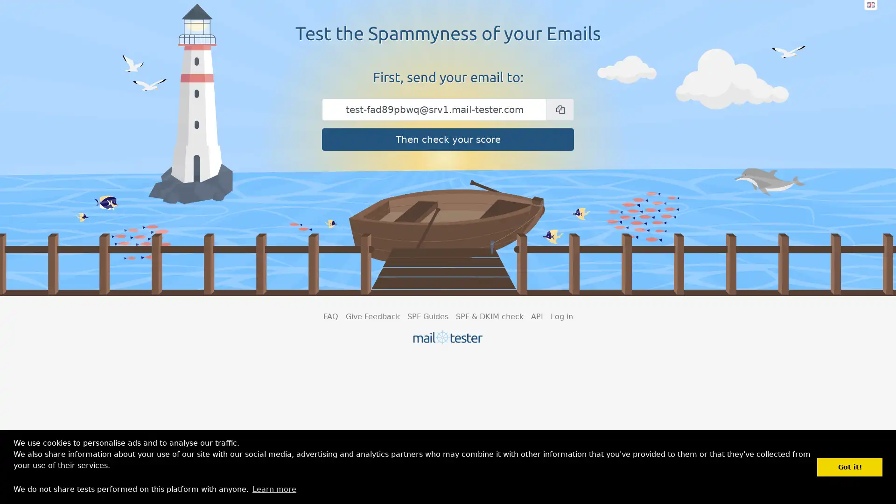 This screenshot has height=504, width=896. Describe the element at coordinates (273, 489) in the screenshot. I see `learn more about cookies` at that location.